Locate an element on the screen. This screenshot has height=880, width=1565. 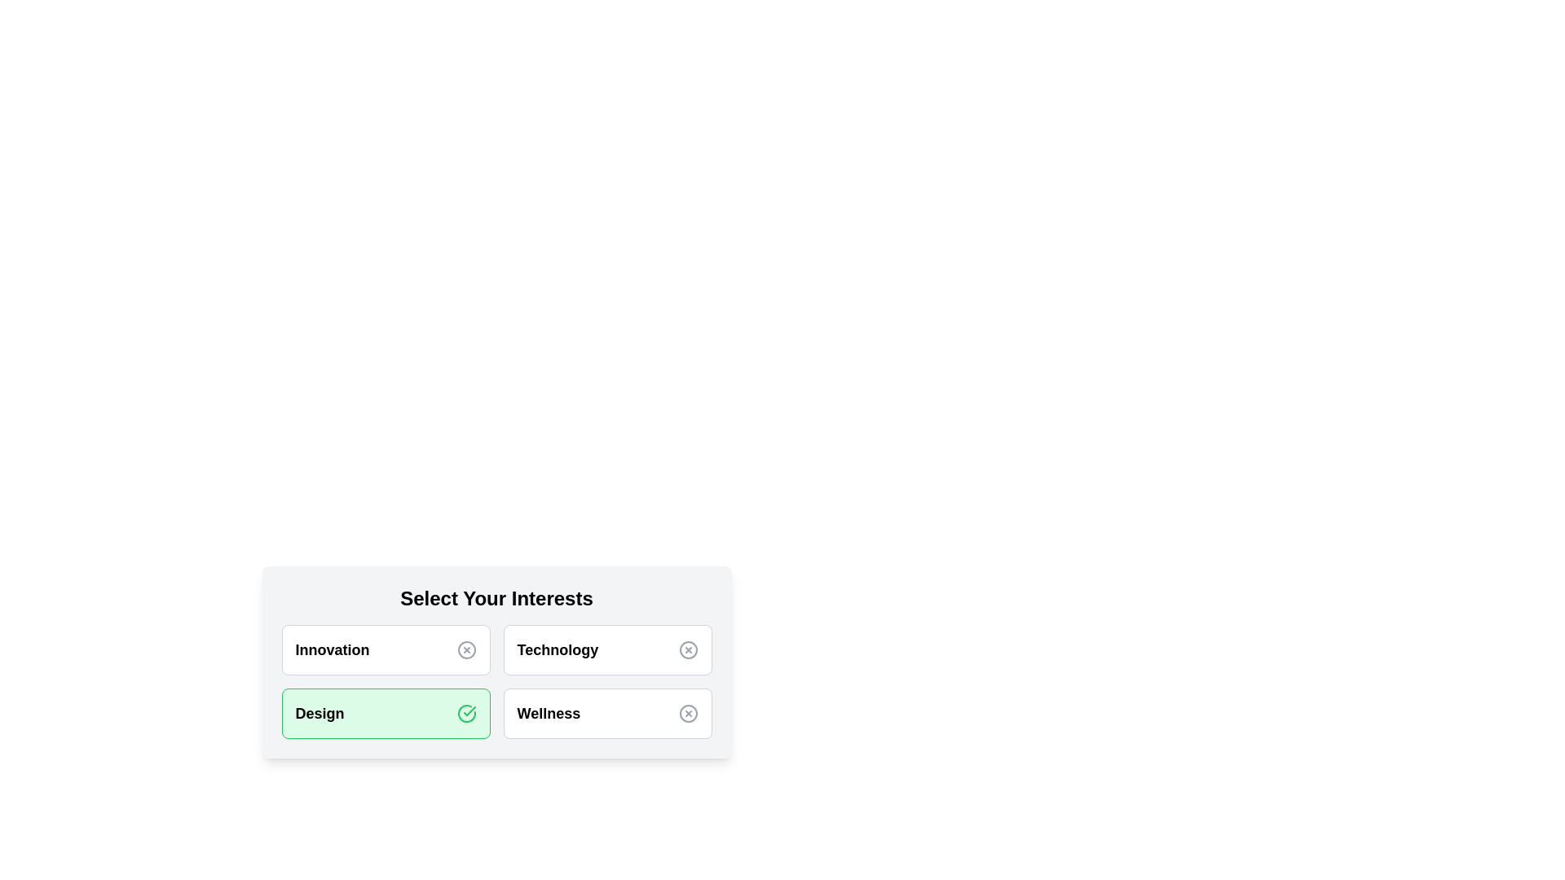
the category Wellness by clicking on it is located at coordinates (606, 712).